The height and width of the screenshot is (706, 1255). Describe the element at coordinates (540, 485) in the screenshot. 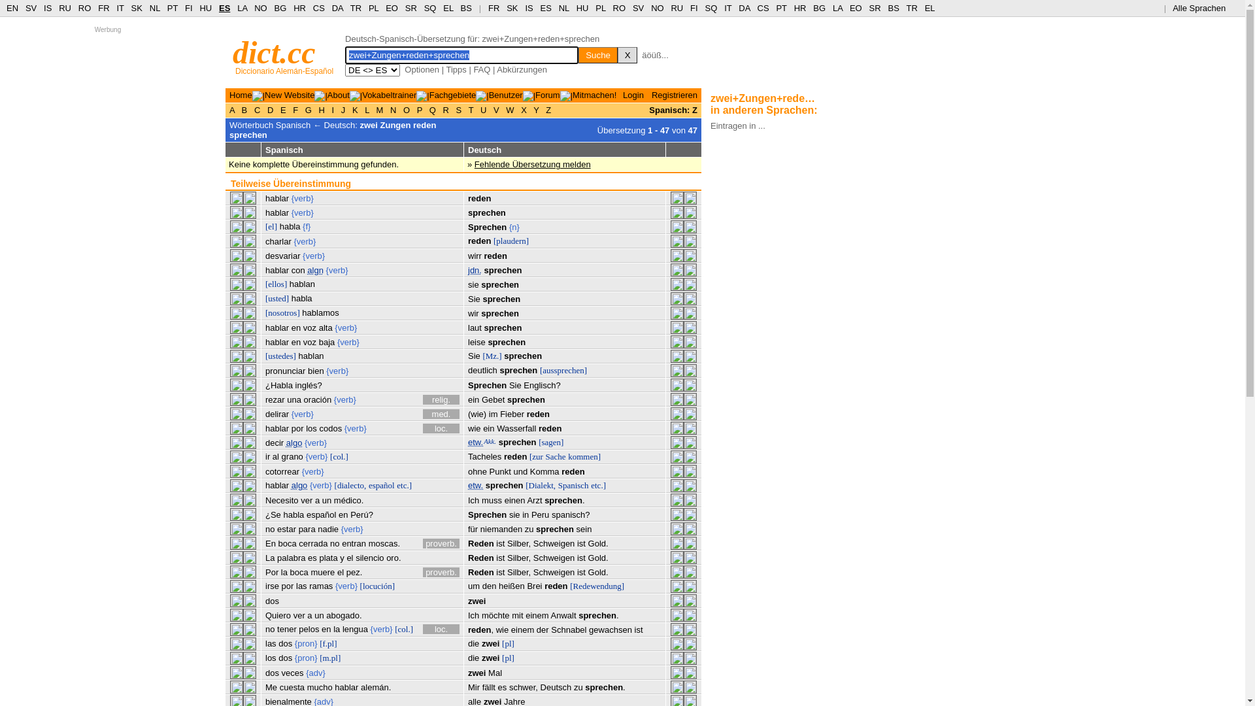

I see `'[Dialekt,'` at that location.